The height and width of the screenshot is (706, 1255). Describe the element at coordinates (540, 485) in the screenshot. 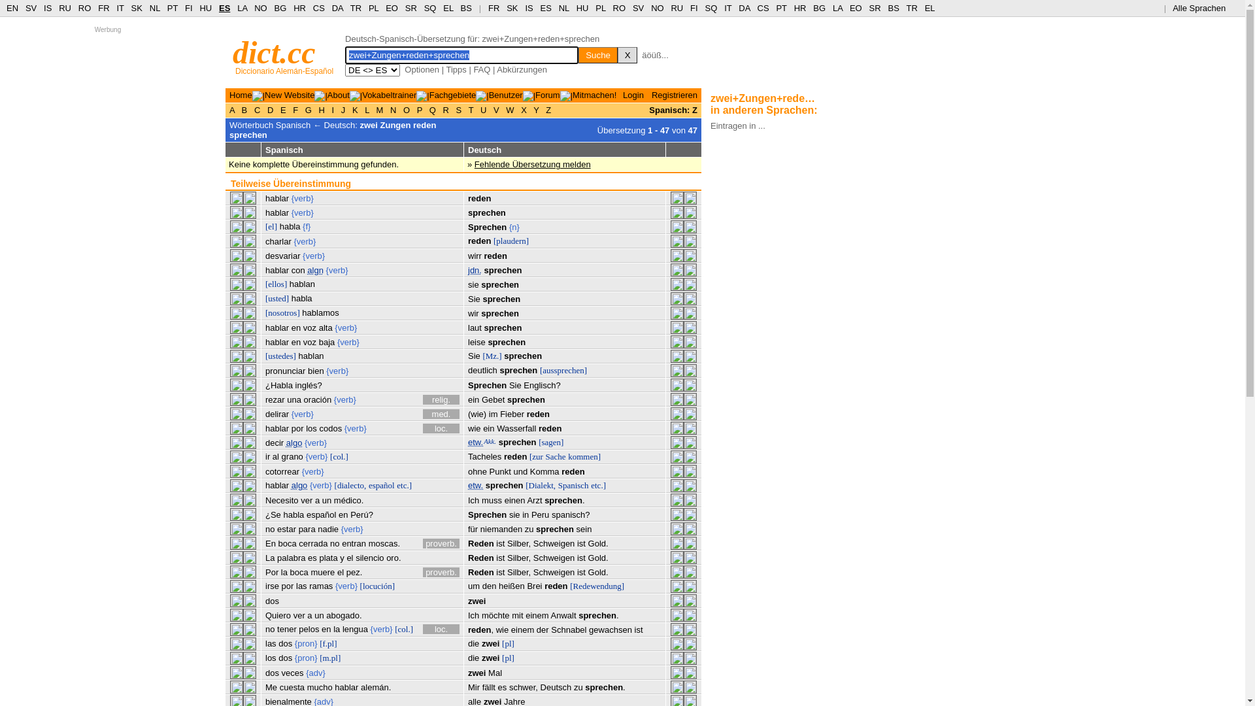

I see `'[Dialekt,'` at that location.